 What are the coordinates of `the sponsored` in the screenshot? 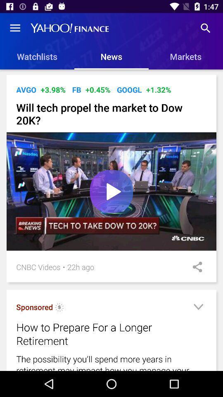 It's located at (34, 306).